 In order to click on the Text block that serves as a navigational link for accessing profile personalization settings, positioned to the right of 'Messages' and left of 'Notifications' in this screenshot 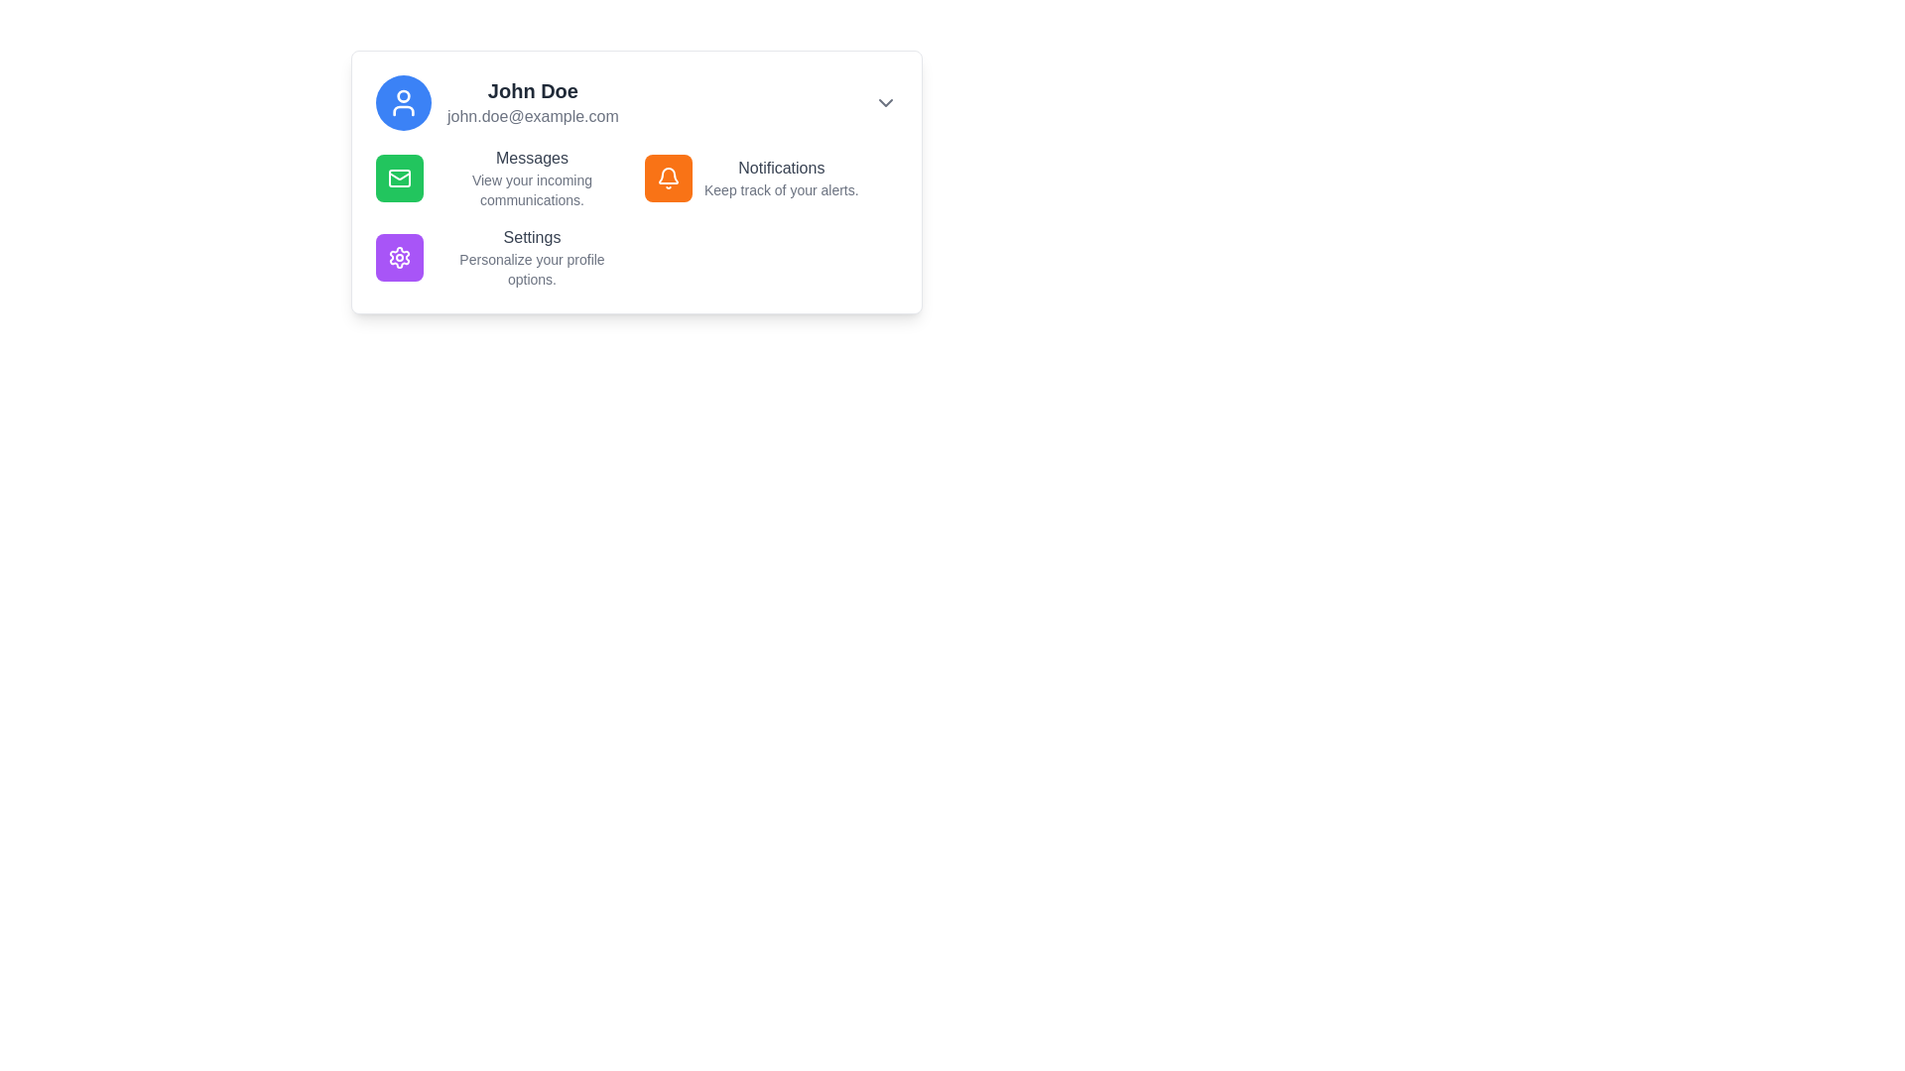, I will do `click(532, 256)`.